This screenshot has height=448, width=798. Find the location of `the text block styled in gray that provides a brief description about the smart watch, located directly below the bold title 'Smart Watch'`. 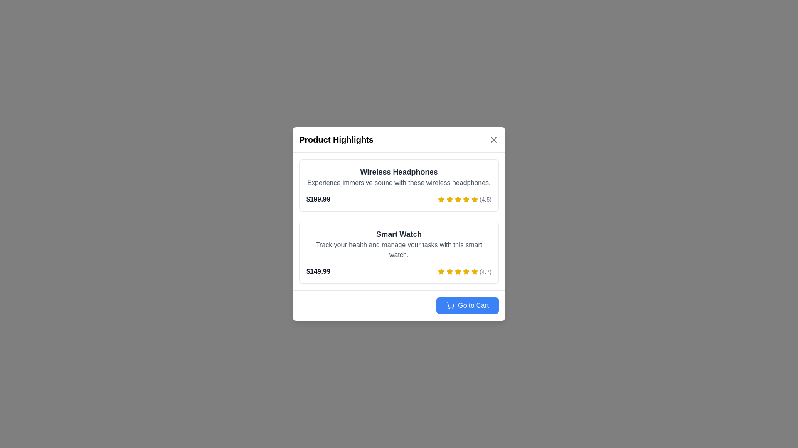

the text block styled in gray that provides a brief description about the smart watch, located directly below the bold title 'Smart Watch' is located at coordinates (399, 249).